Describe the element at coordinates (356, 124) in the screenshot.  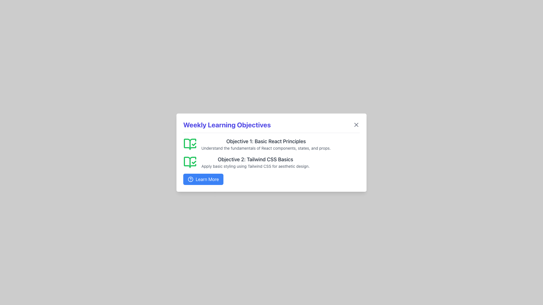
I see `the gray close button icon located in the top-right corner of the modal header, near the 'Weekly Learning Objectives' label` at that location.